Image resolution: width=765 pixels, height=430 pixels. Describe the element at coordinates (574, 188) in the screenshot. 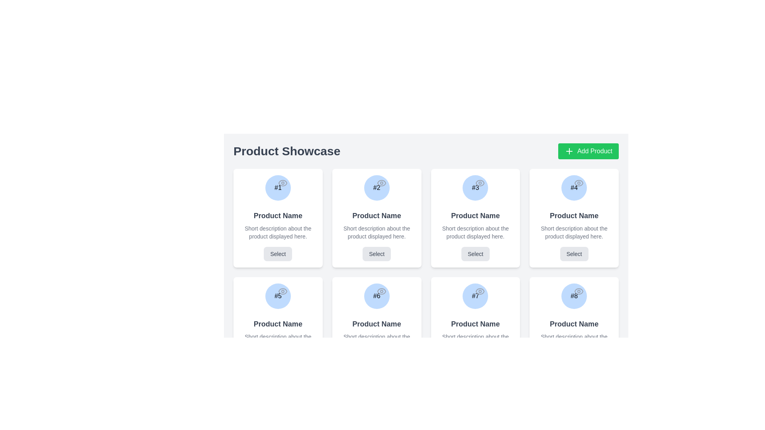

I see `the composite element displaying a numeric identifier with an adjacent eye icon, located at the top-left corner of the product details card` at that location.